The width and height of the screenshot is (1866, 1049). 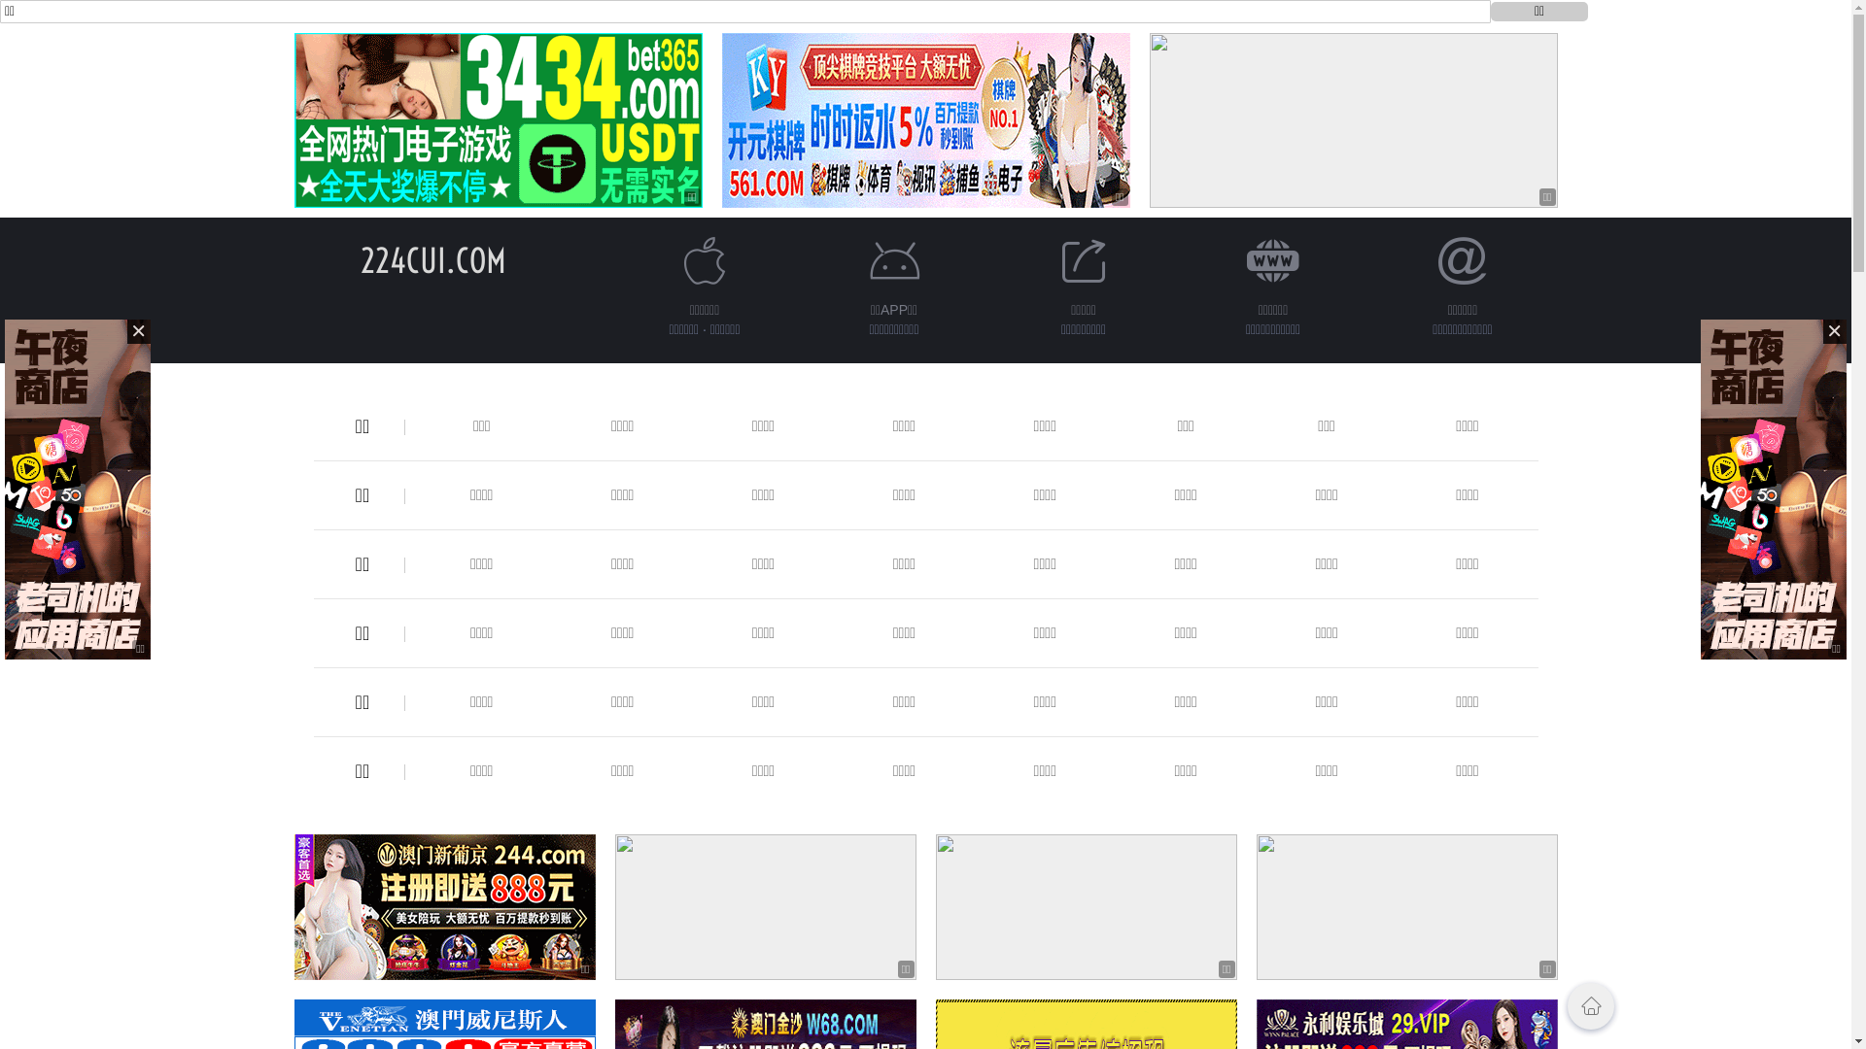 I want to click on '224CUI.COM', so click(x=432, y=259).